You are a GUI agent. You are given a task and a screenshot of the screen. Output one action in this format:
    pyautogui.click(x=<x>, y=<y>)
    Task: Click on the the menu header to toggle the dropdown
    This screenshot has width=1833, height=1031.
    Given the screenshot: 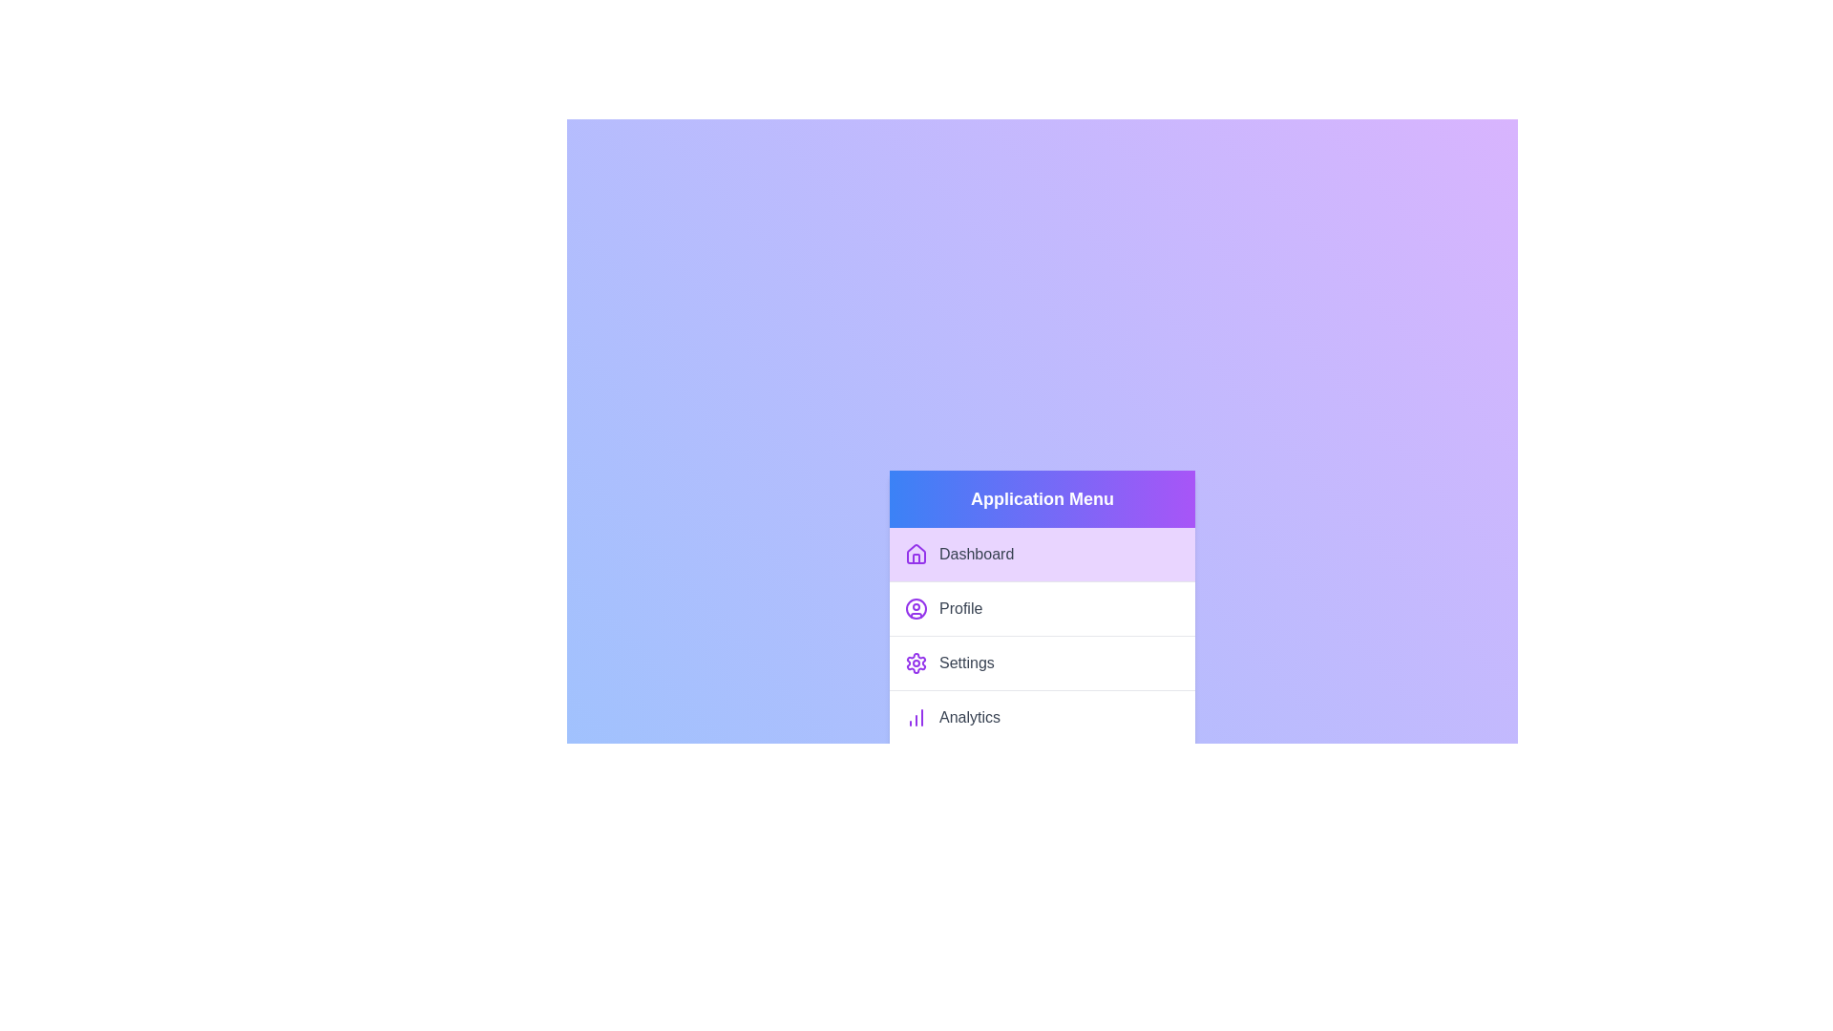 What is the action you would take?
    pyautogui.click(x=1041, y=498)
    